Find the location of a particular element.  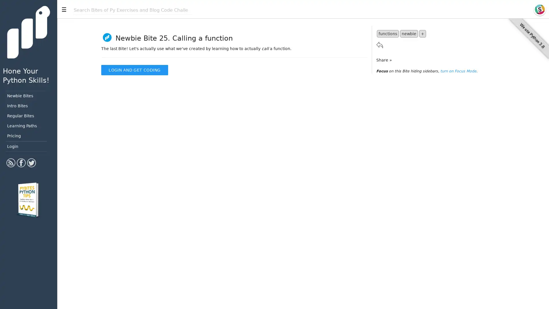

Slack icon is located at coordinates (539, 9).